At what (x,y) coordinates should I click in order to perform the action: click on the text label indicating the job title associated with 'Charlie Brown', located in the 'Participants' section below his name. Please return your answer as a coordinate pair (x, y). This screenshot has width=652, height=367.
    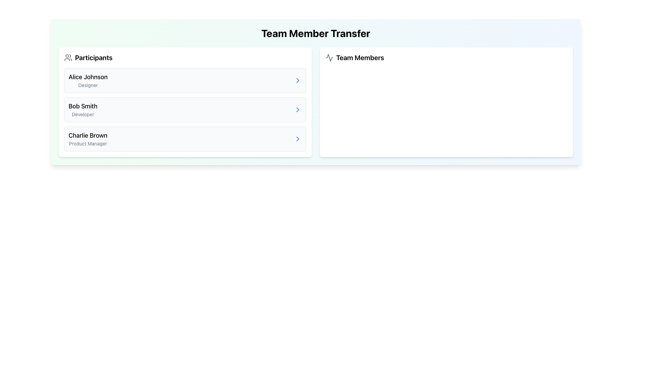
    Looking at the image, I should click on (88, 143).